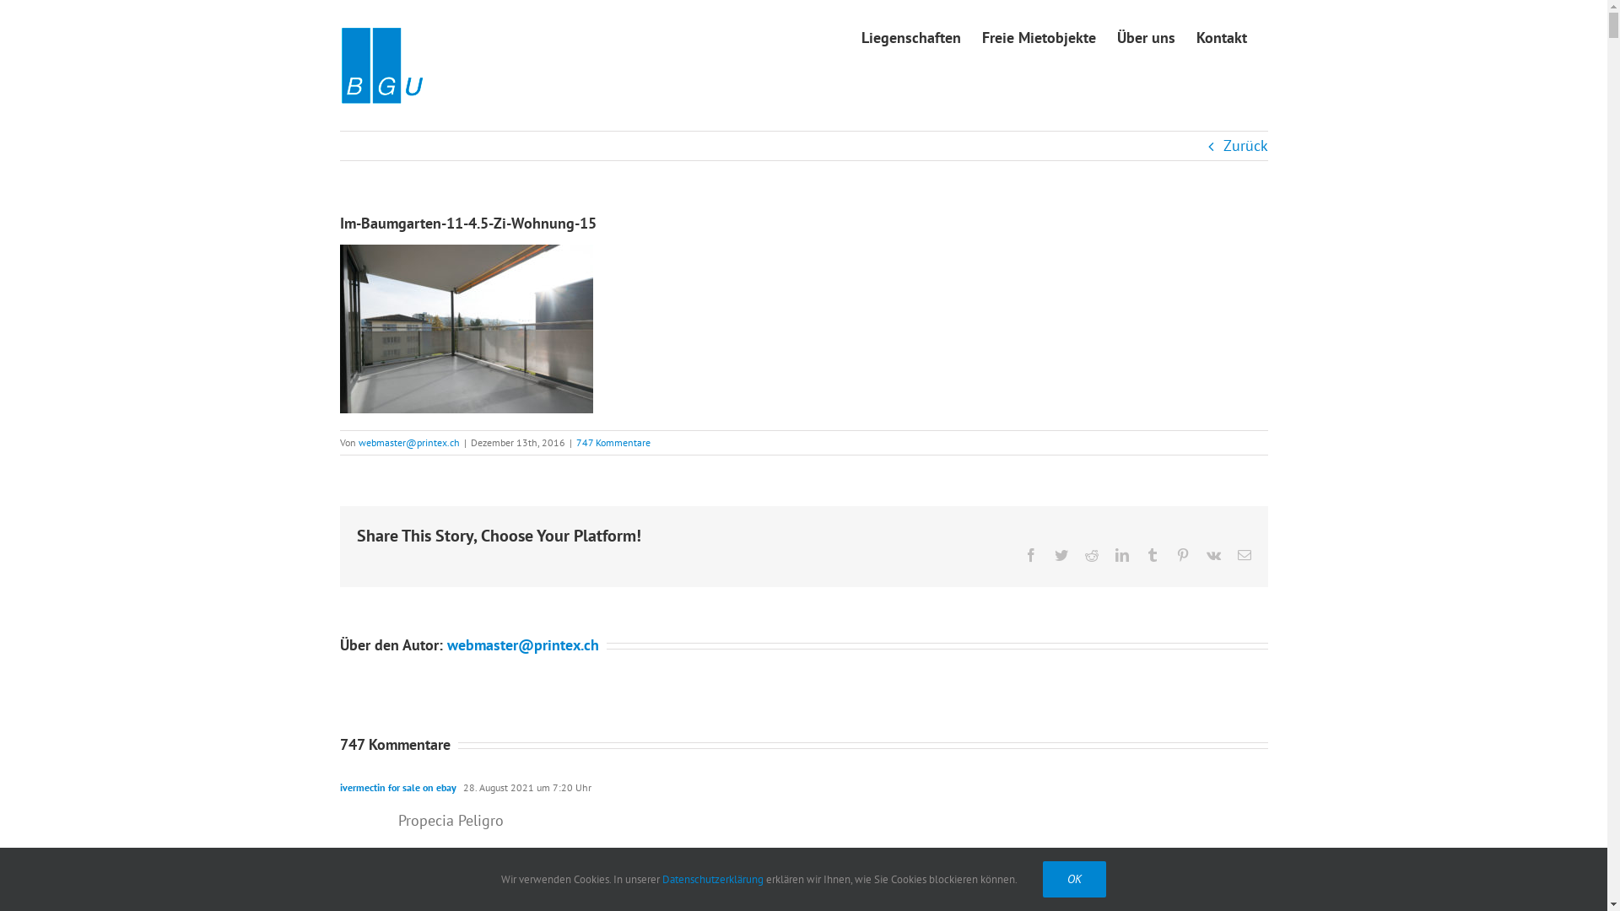 This screenshot has height=911, width=1620. Describe the element at coordinates (521, 644) in the screenshot. I see `'webmaster@printex.ch'` at that location.